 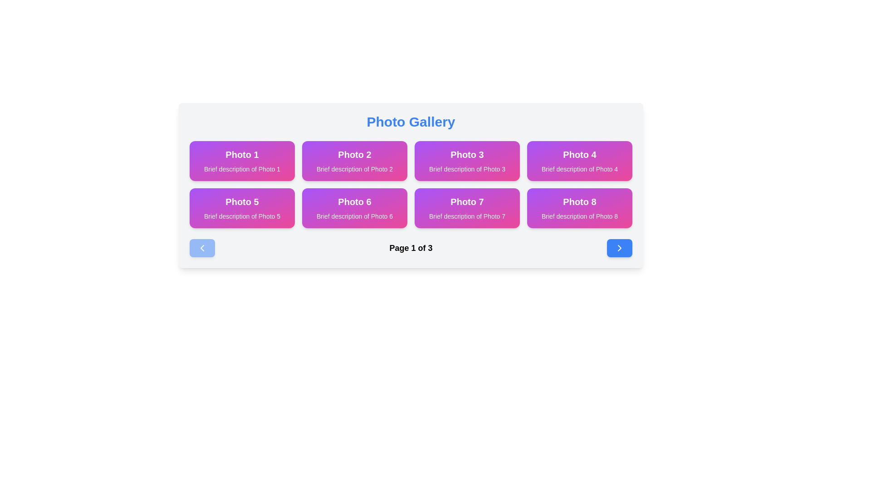 I want to click on the text label that provides a brief description of Photo 1, located directly below the title 'Photo 1' in the top-left corner of the grid layout, so click(x=242, y=169).